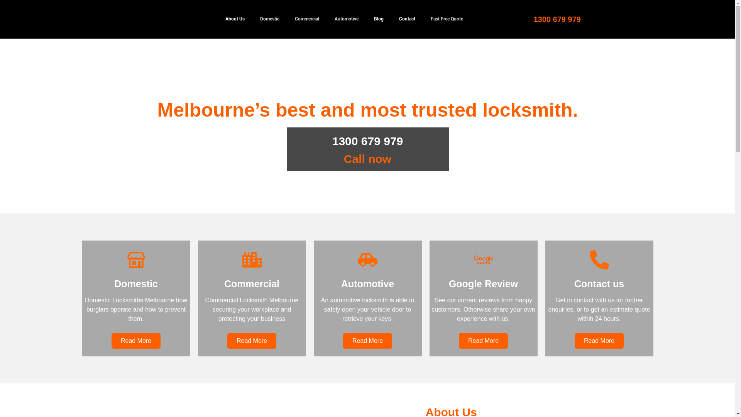 Image resolution: width=741 pixels, height=417 pixels. What do you see at coordinates (407, 19) in the screenshot?
I see `'Contact'` at bounding box center [407, 19].